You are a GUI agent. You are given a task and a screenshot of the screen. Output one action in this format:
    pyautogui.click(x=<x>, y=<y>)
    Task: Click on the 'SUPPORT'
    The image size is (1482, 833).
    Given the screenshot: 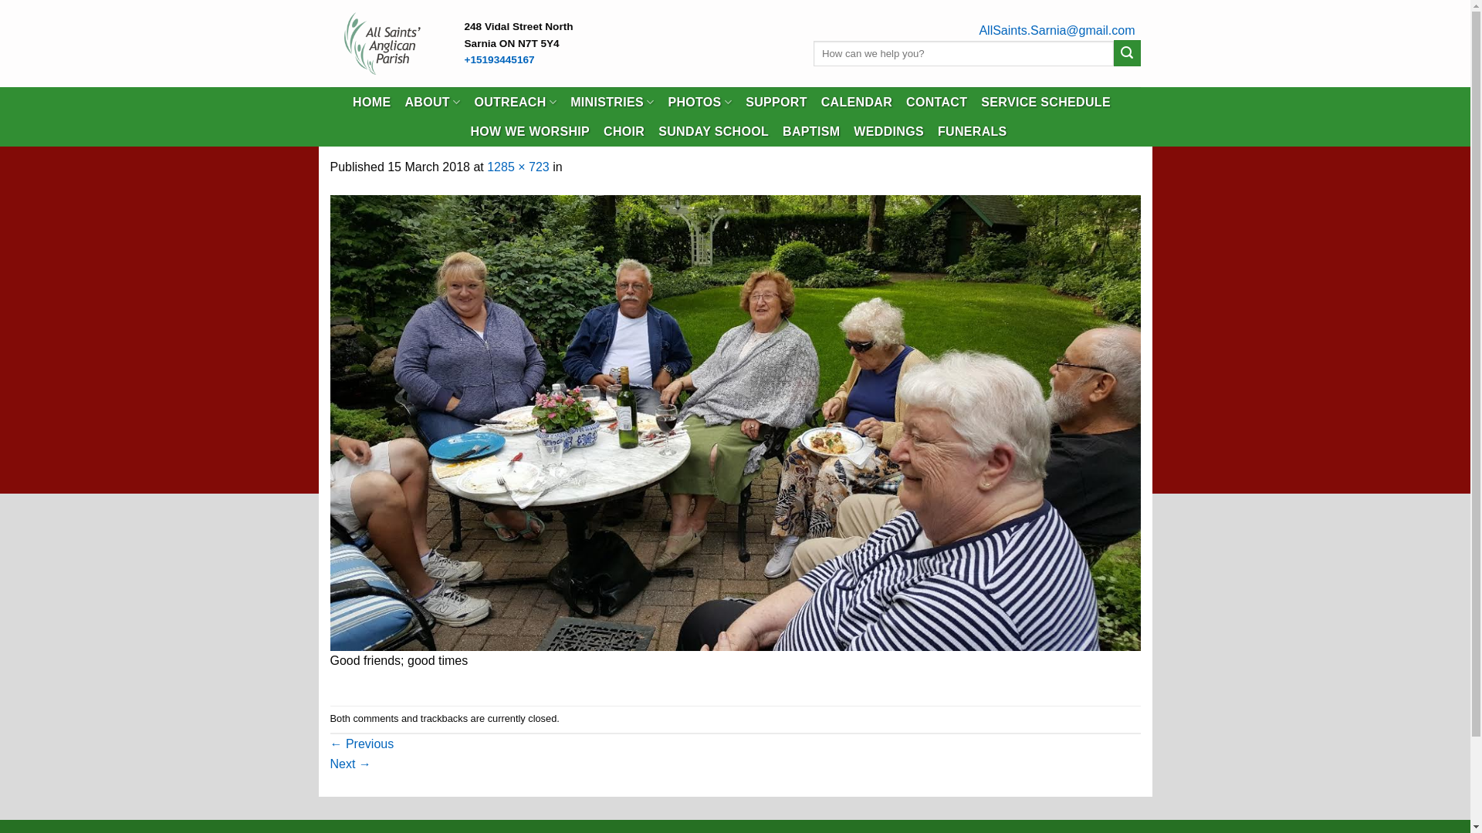 What is the action you would take?
    pyautogui.click(x=777, y=102)
    